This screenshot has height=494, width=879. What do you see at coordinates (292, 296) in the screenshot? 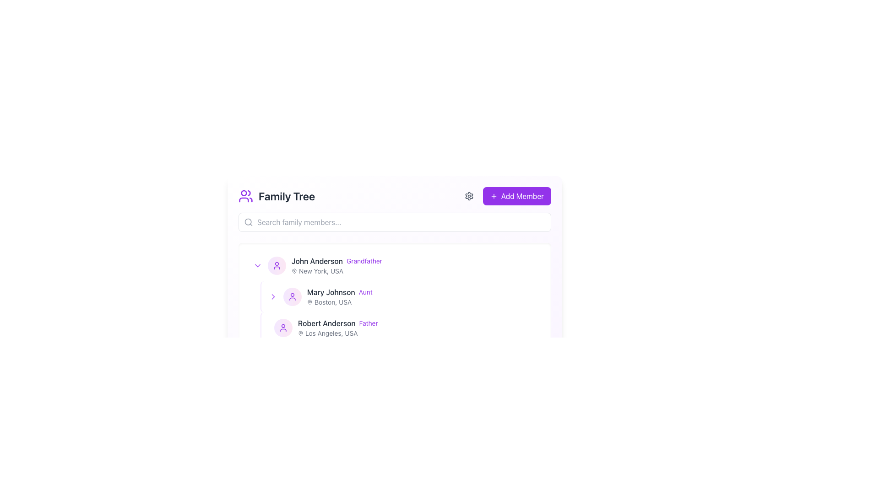
I see `the user profile icon representing 'Mary Johnson', which is visually aligned to the left of the text 'Mary Johnson Aunt Boston, USA'` at bounding box center [292, 296].